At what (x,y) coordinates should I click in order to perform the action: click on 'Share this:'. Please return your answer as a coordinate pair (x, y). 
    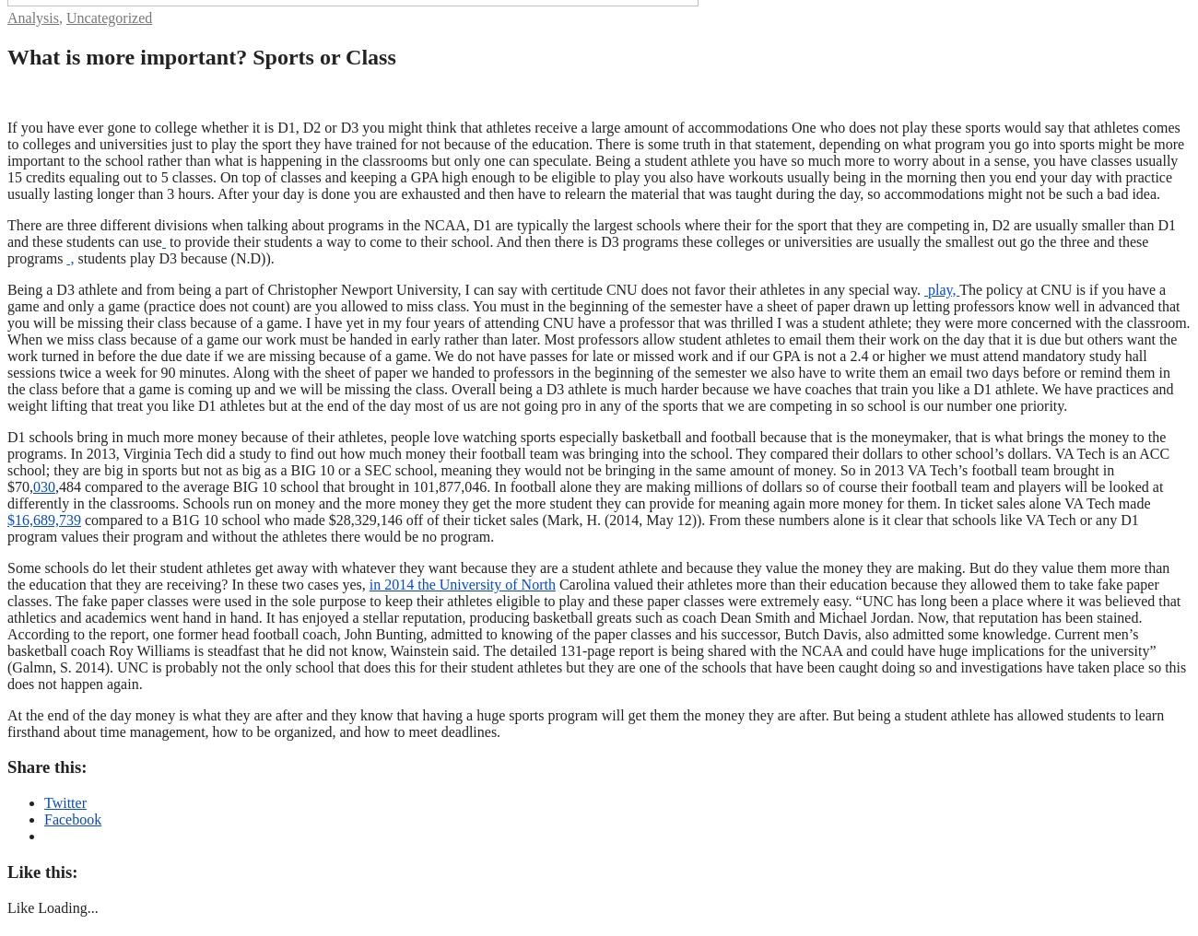
    Looking at the image, I should click on (45, 766).